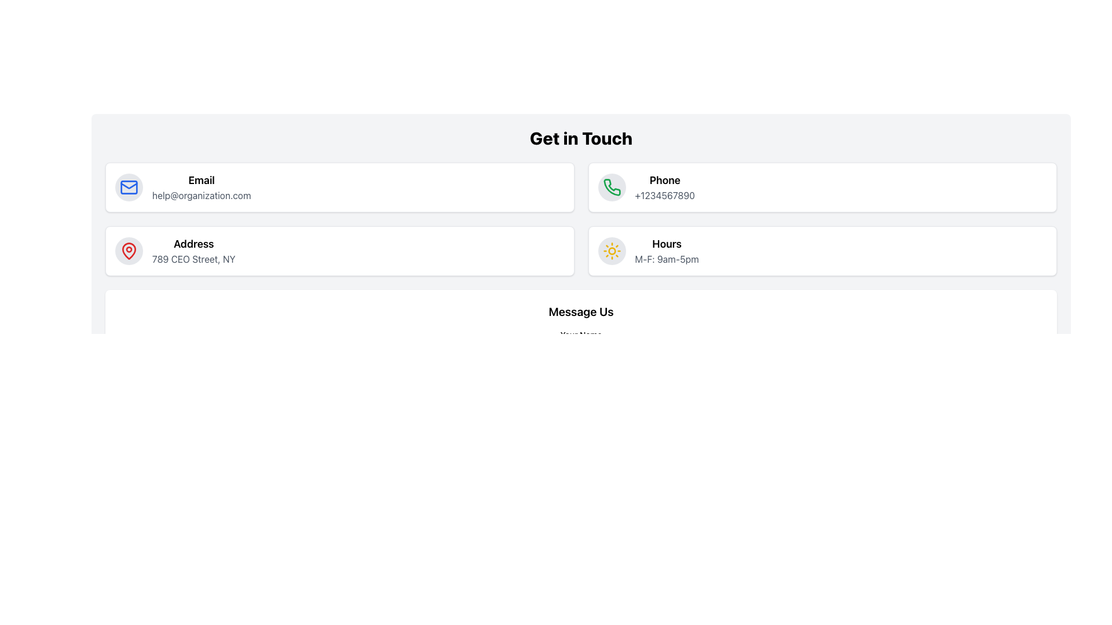 The height and width of the screenshot is (625, 1112). What do you see at coordinates (611, 187) in the screenshot?
I see `the green outlined telephone handset icon located in the top right section of the interface within the 'Get in Touch' section to initiate a call or obtain more contact details` at bounding box center [611, 187].